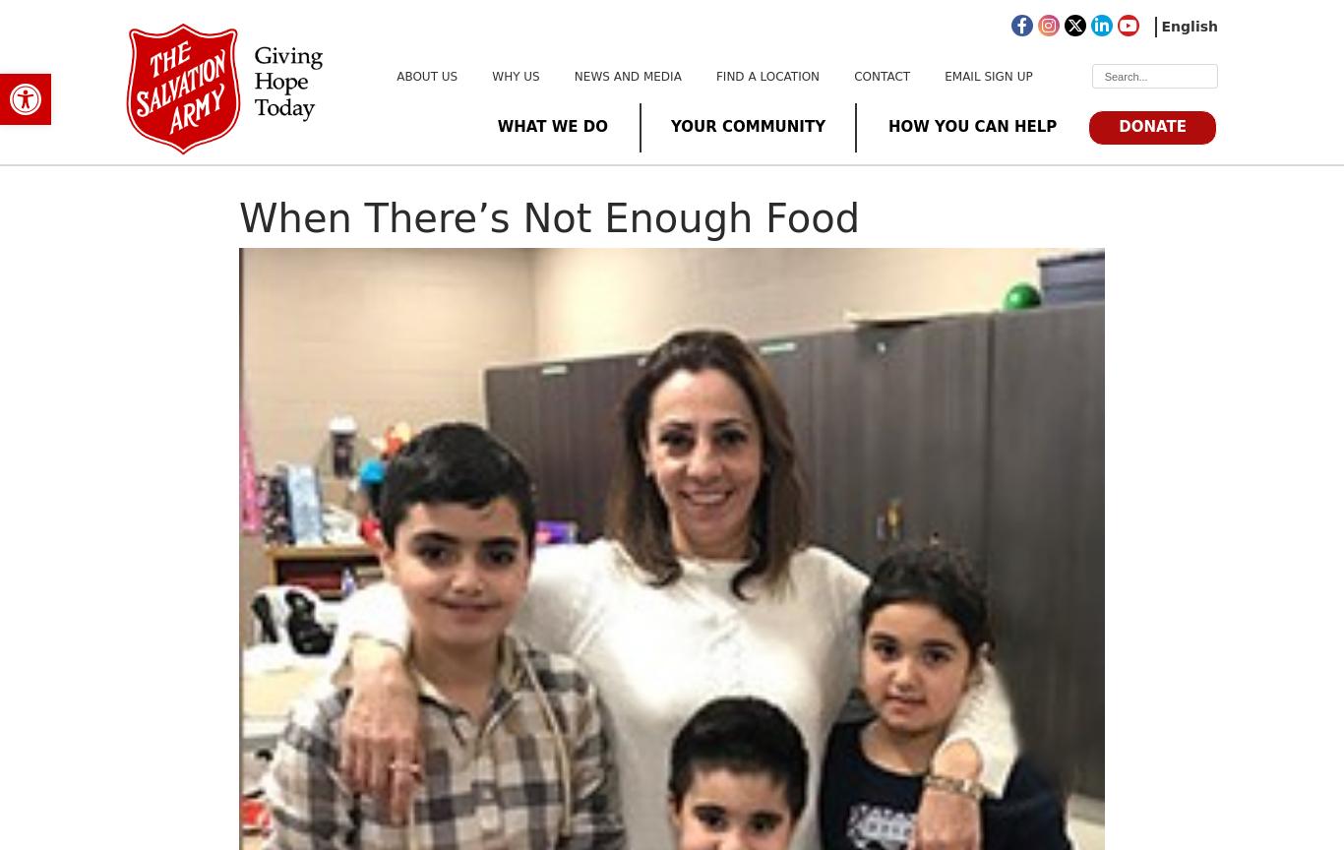  I want to click on 'International Support', so click(918, 170).